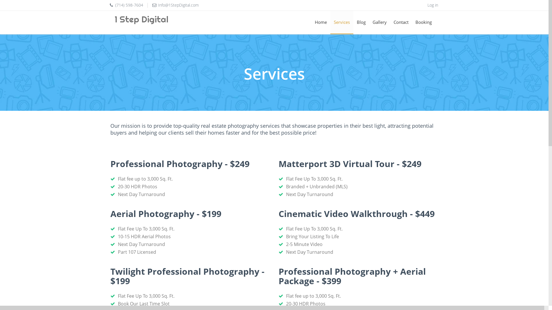 This screenshot has width=552, height=310. What do you see at coordinates (423, 22) in the screenshot?
I see `'Booking'` at bounding box center [423, 22].